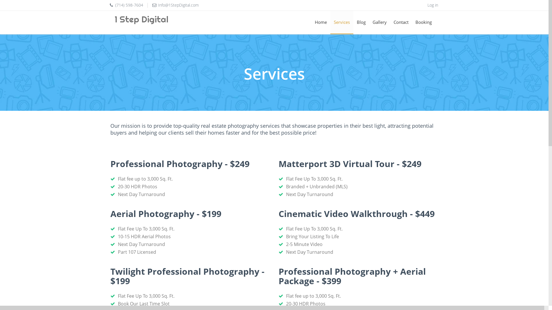 This screenshot has width=552, height=310. What do you see at coordinates (423, 22) in the screenshot?
I see `'Booking'` at bounding box center [423, 22].